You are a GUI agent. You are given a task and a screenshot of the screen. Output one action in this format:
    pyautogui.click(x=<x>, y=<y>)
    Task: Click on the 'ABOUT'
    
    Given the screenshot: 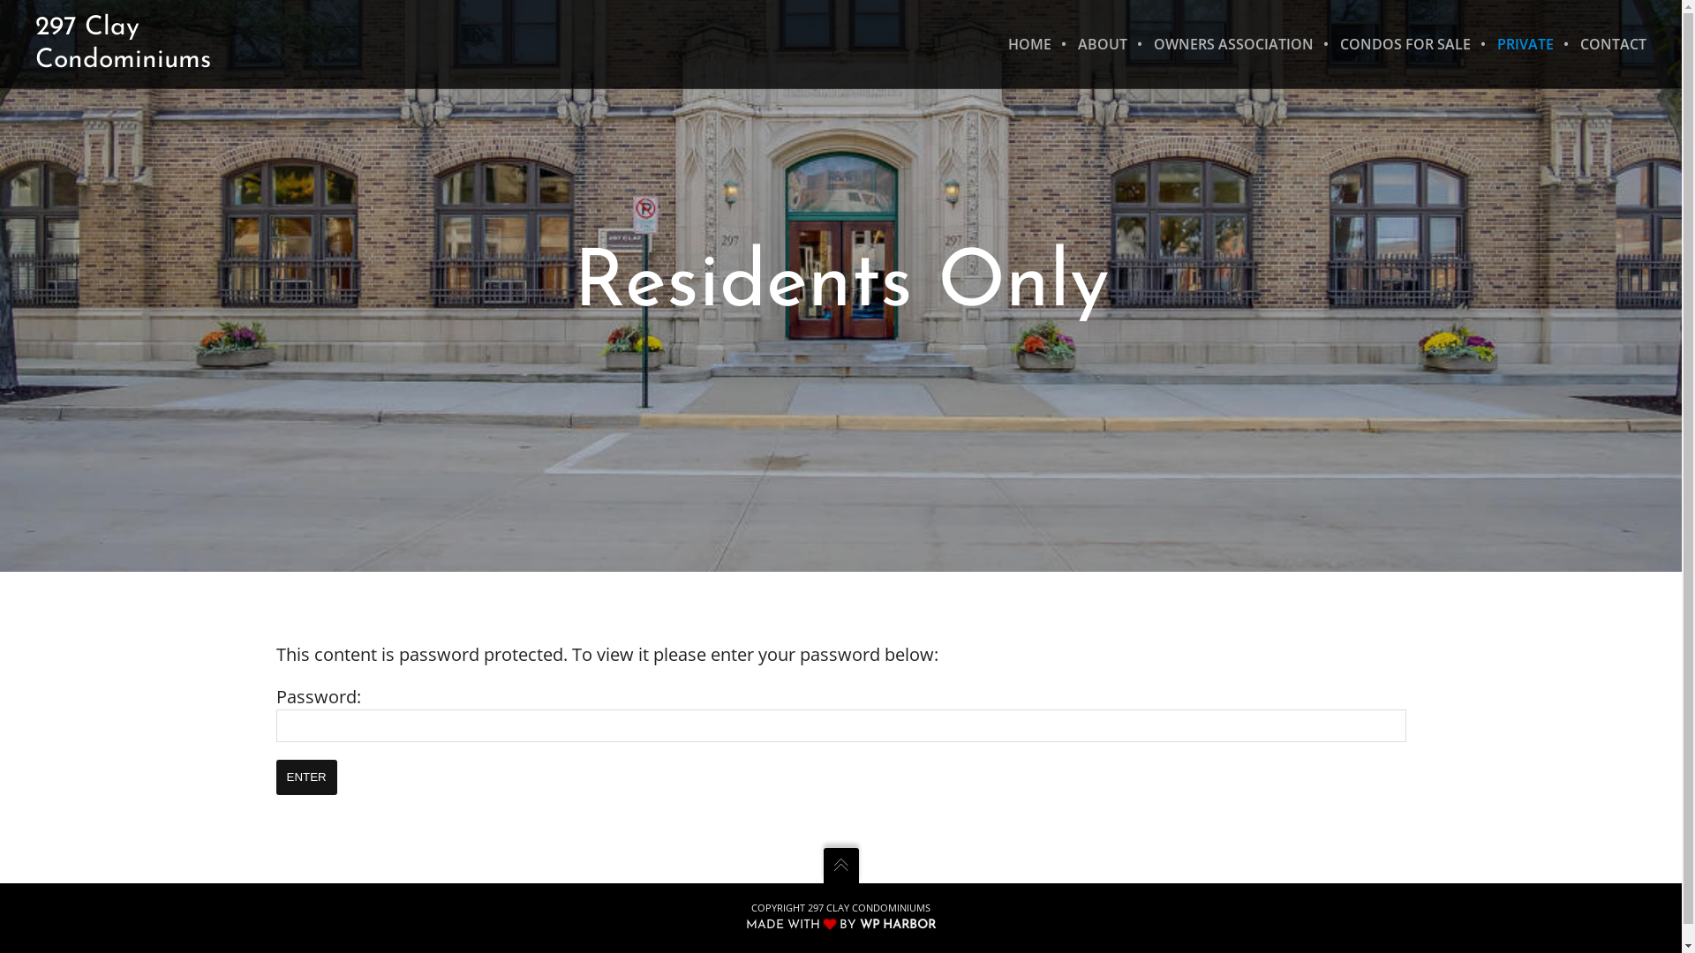 What is the action you would take?
    pyautogui.click(x=1063, y=43)
    